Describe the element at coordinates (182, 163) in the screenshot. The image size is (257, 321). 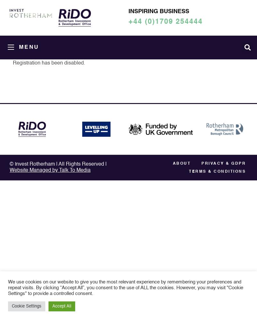
I see `'About'` at that location.